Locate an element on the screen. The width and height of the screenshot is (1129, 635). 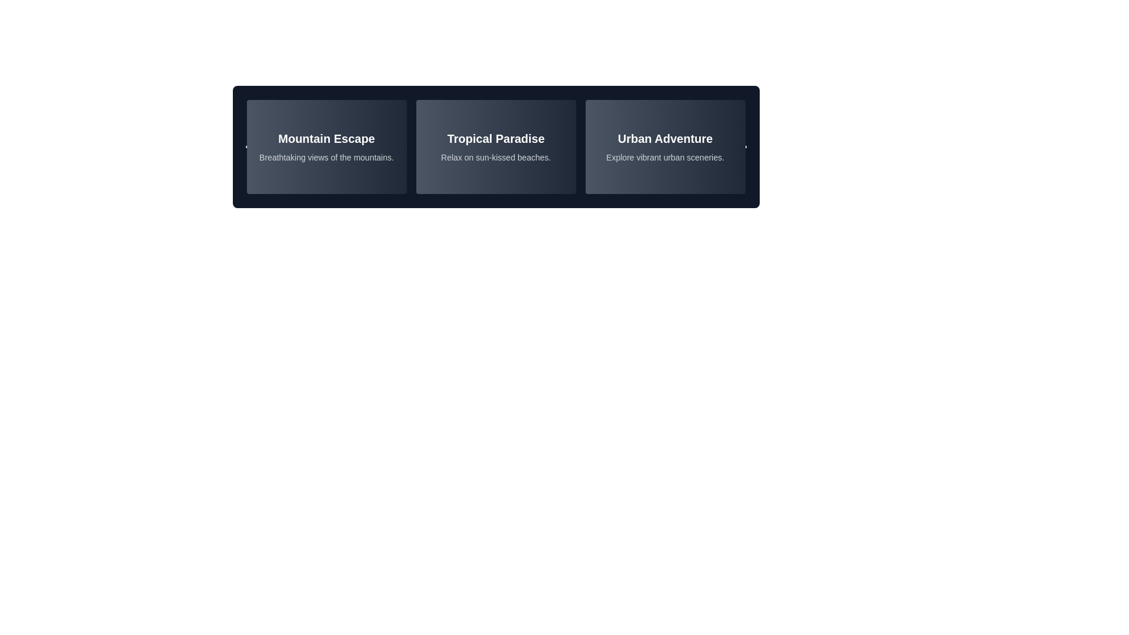
the text label that reads 'Breathtaking views of the mountains.' which is styled with a smaller font size and gray color, located below the title 'Mountain Escape' in the dark rectangular card is located at coordinates (326, 156).